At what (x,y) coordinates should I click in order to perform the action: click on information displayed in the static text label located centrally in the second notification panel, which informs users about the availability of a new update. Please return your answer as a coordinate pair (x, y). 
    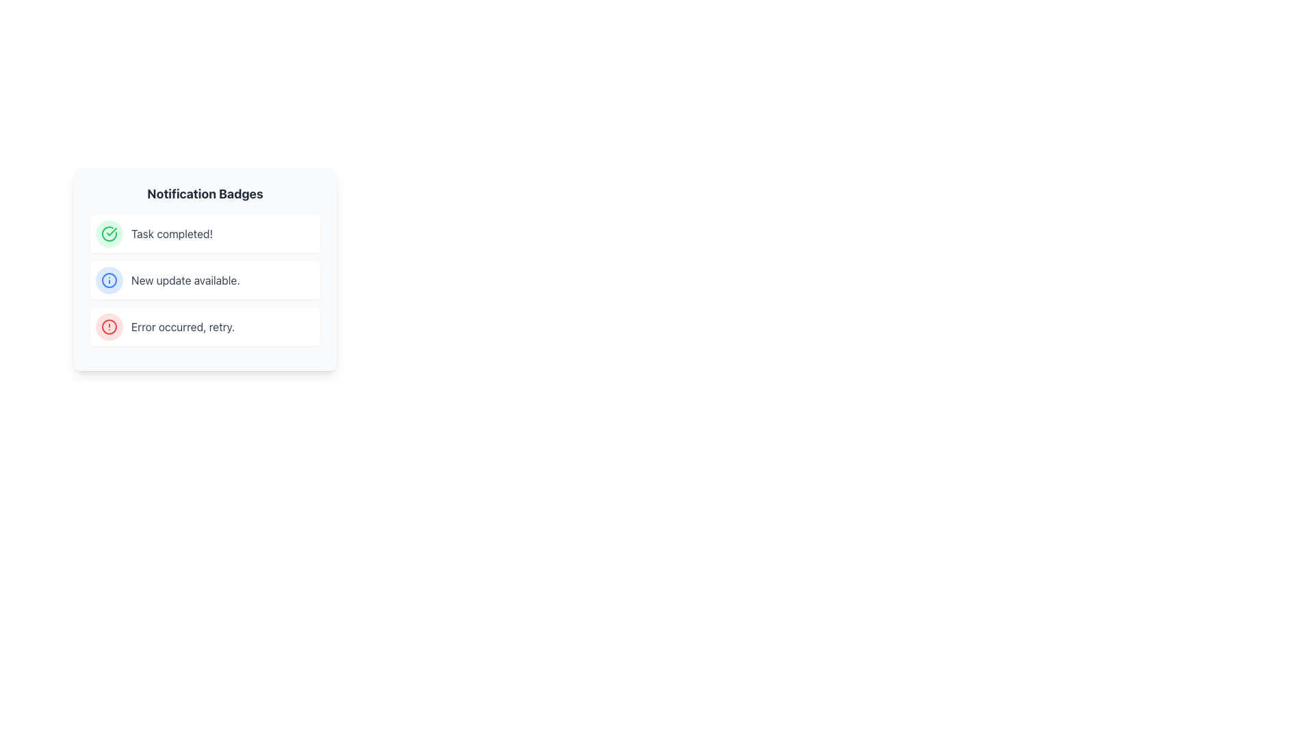
    Looking at the image, I should click on (185, 279).